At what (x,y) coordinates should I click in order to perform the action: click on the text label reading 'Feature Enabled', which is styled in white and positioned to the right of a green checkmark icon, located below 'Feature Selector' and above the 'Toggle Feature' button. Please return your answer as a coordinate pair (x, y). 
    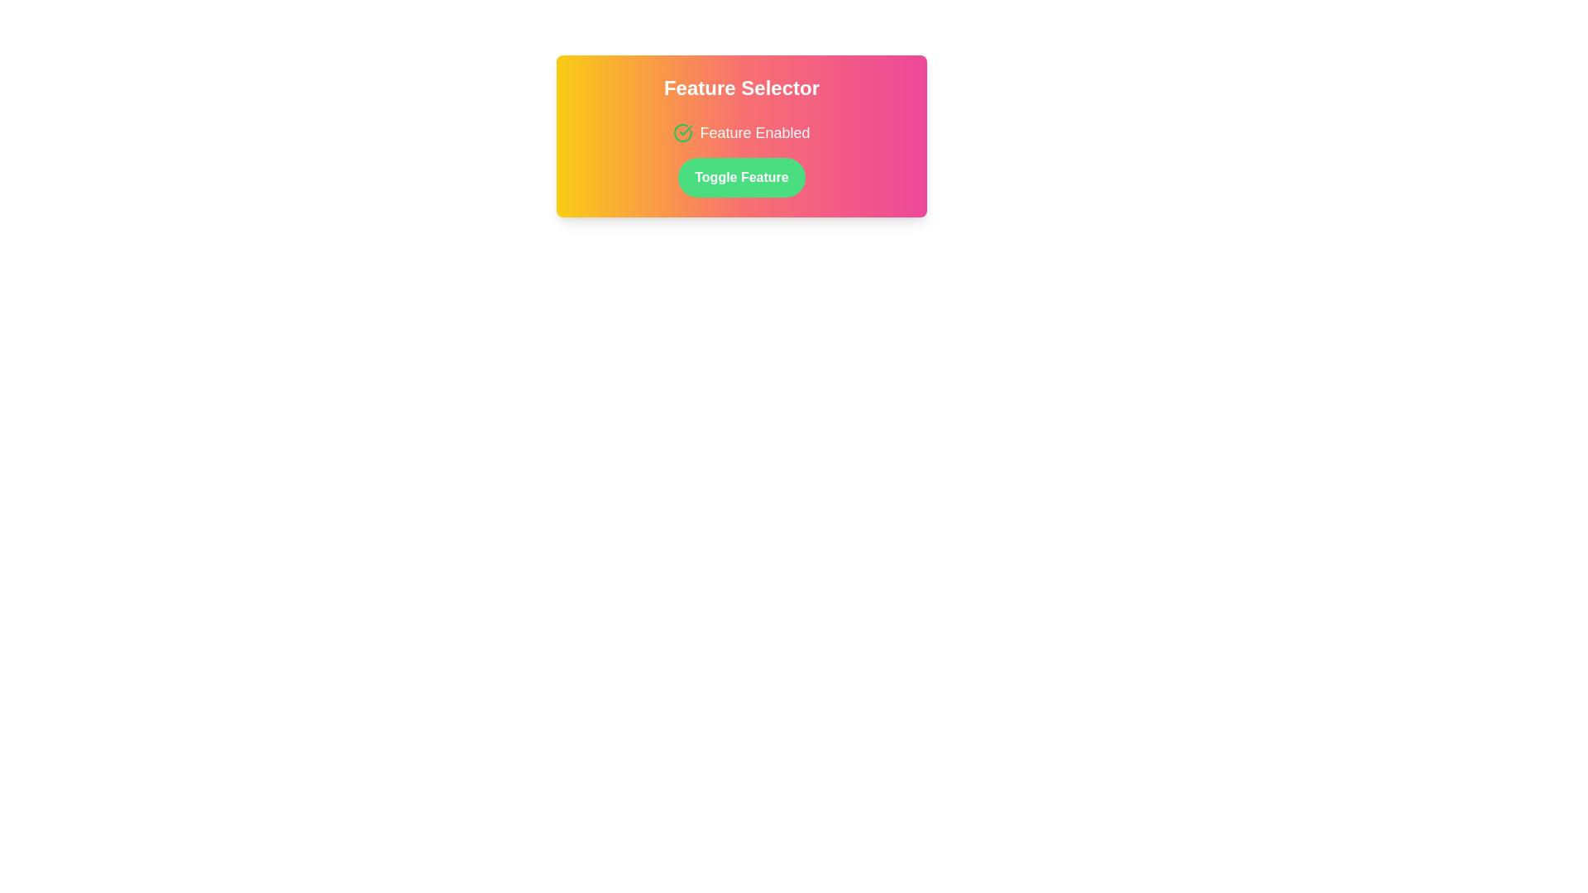
    Looking at the image, I should click on (753, 132).